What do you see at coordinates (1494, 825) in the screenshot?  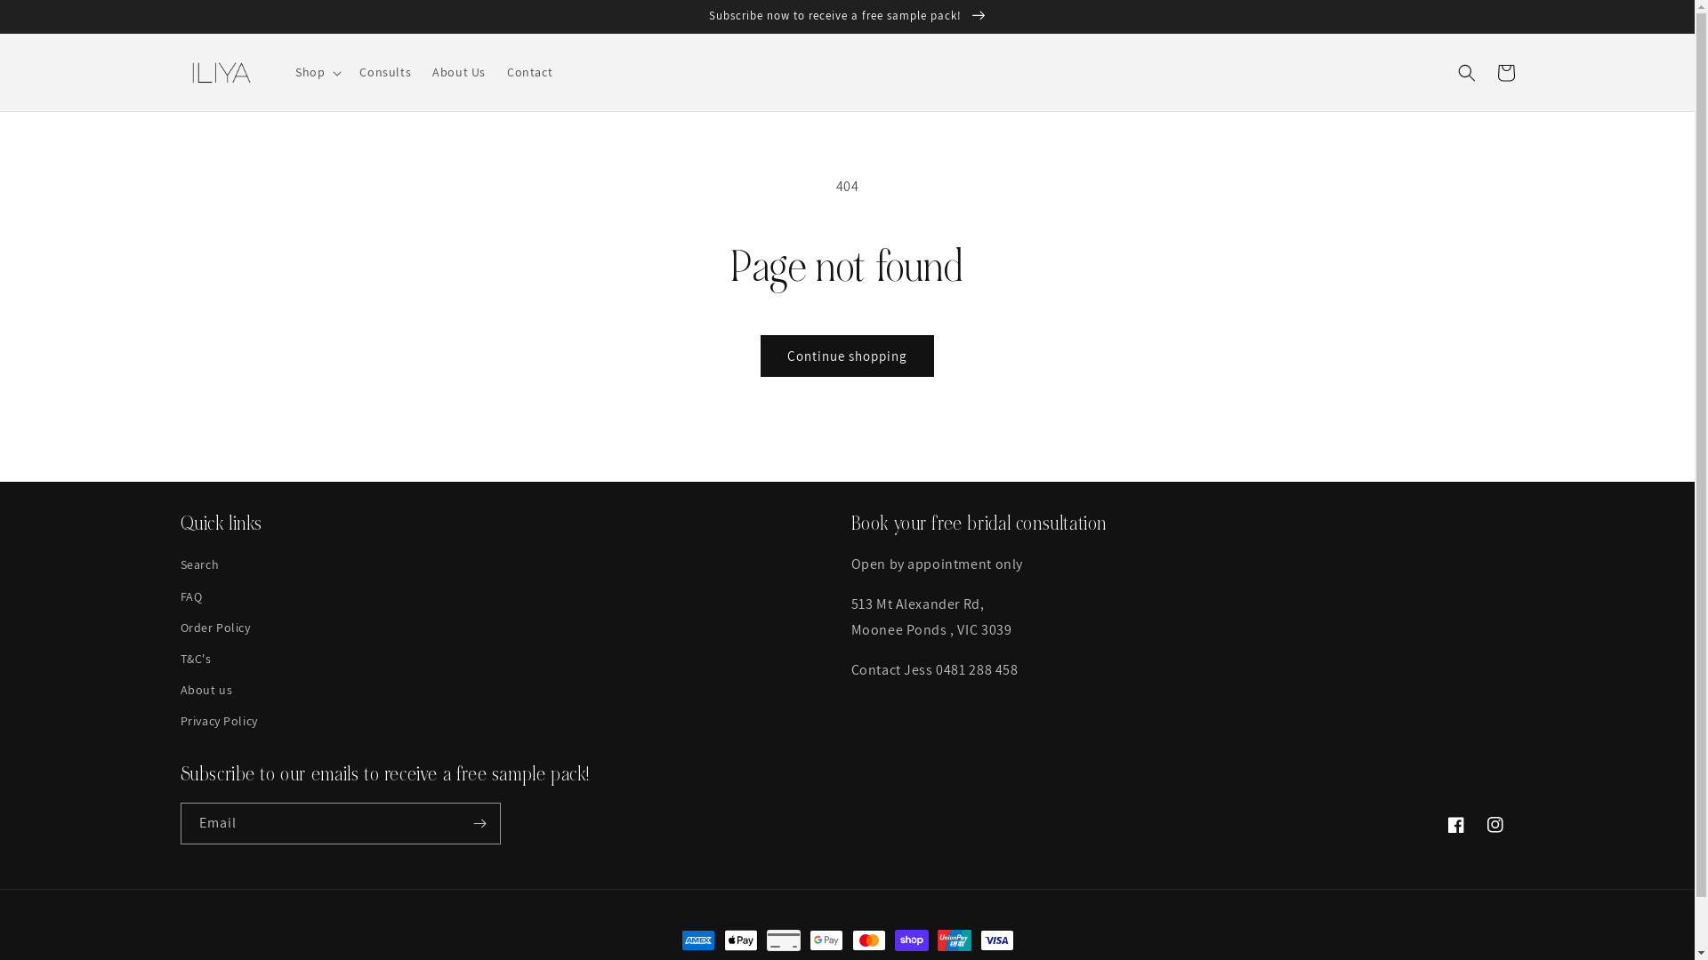 I see `'Instagram'` at bounding box center [1494, 825].